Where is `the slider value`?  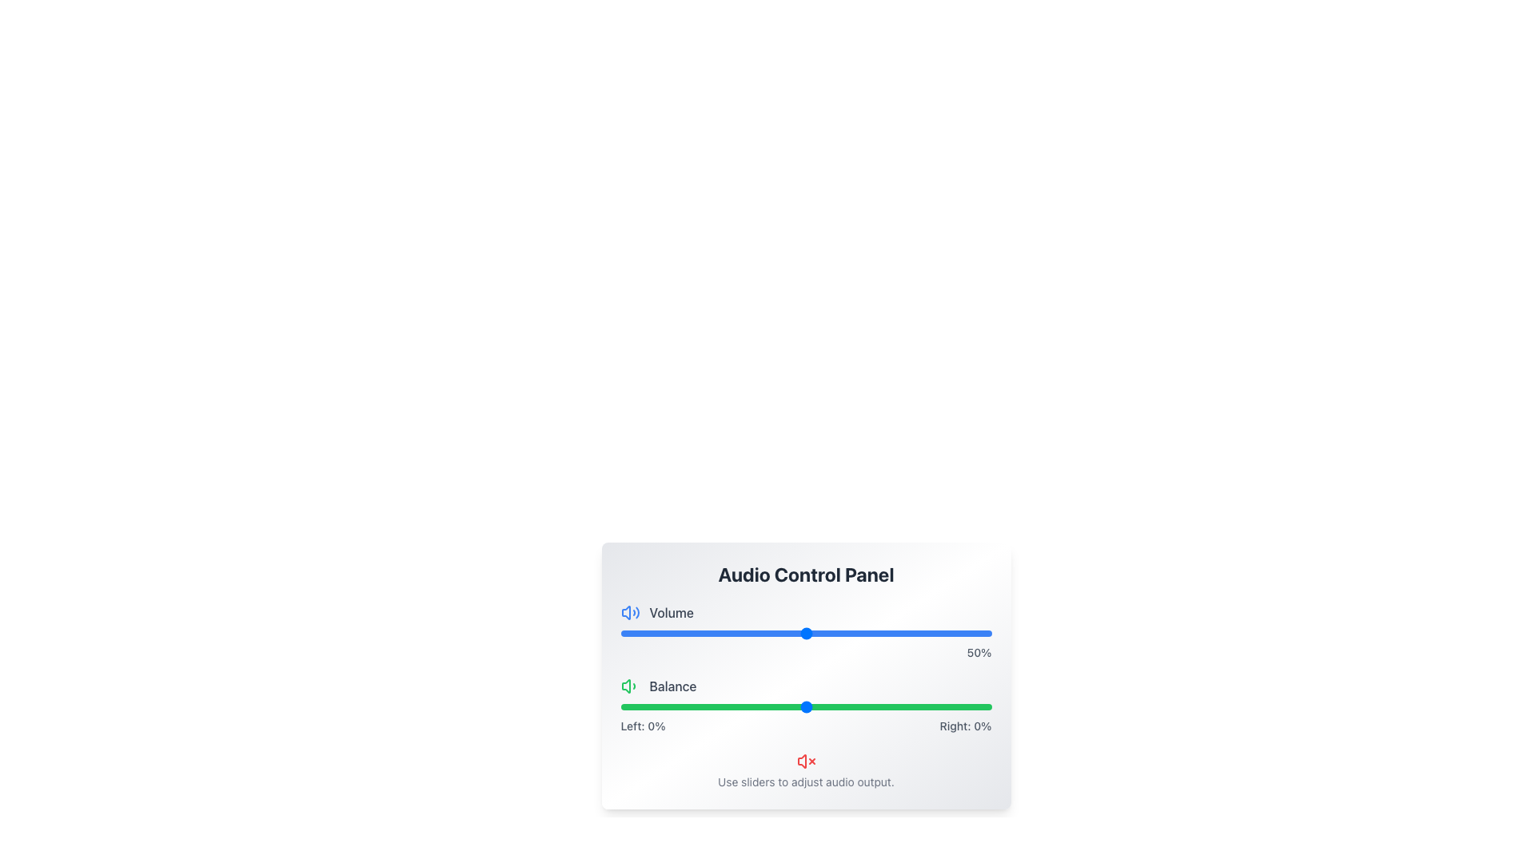
the slider value is located at coordinates (779, 633).